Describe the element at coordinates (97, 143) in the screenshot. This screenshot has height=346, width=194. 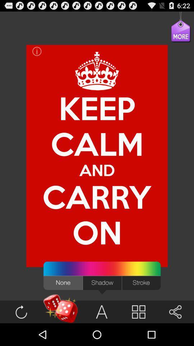
I see `icon above the carry item` at that location.